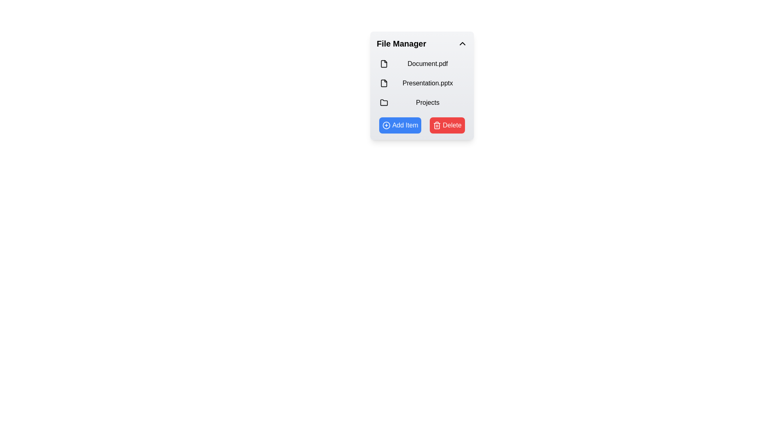 Image resolution: width=777 pixels, height=437 pixels. What do you see at coordinates (427, 83) in the screenshot?
I see `the label for the file 'Presentation.pptx' in the file manager` at bounding box center [427, 83].